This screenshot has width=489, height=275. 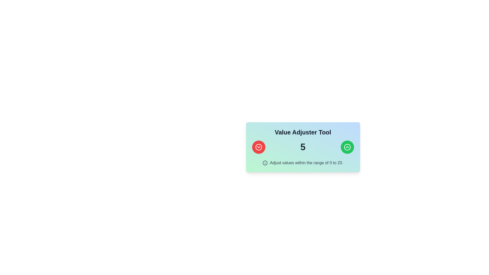 I want to click on the button that increases the displayed numeric value, located to the right of the numeric display, to trigger a hover effect, so click(x=347, y=147).